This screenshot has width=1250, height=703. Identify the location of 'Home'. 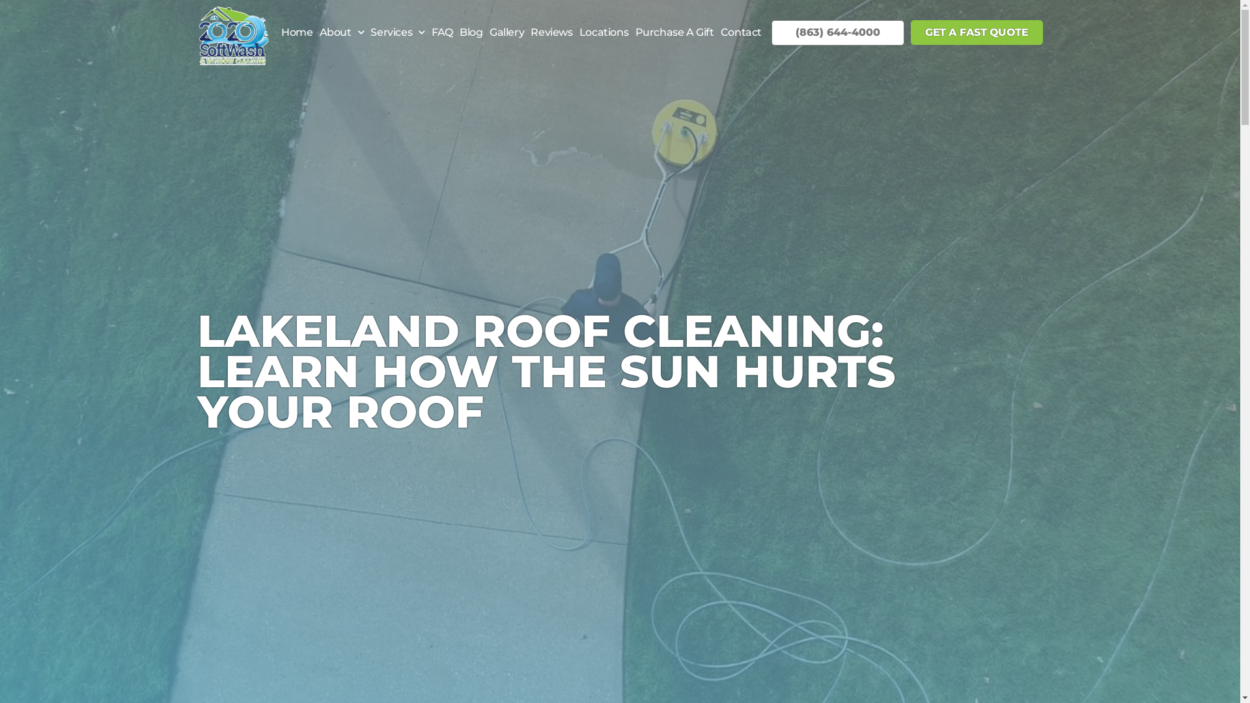
(296, 32).